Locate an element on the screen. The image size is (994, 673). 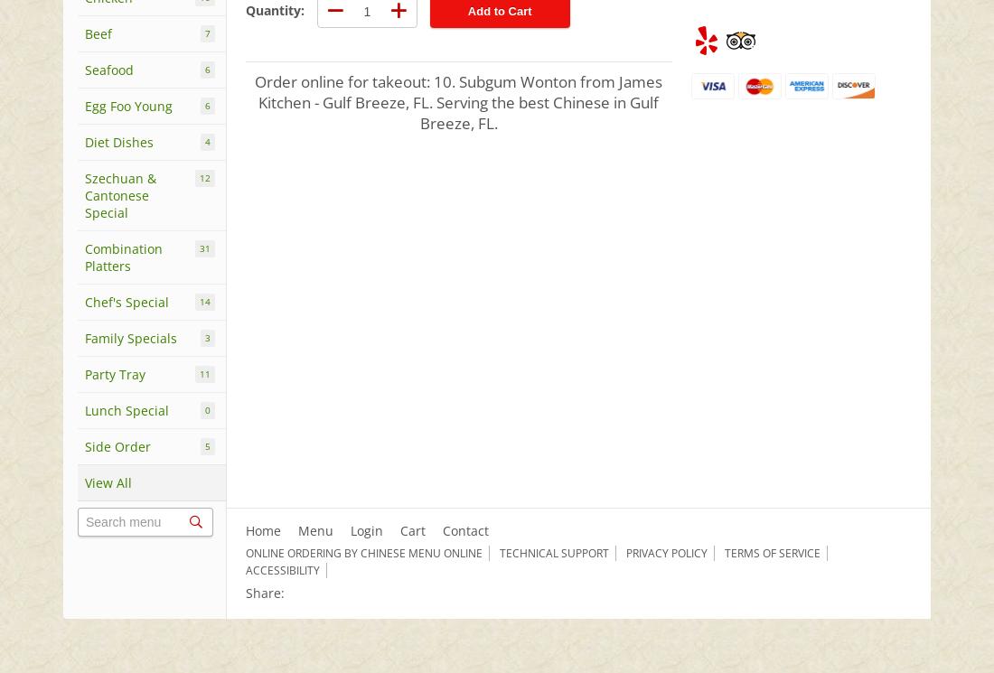
'0' is located at coordinates (204, 409).